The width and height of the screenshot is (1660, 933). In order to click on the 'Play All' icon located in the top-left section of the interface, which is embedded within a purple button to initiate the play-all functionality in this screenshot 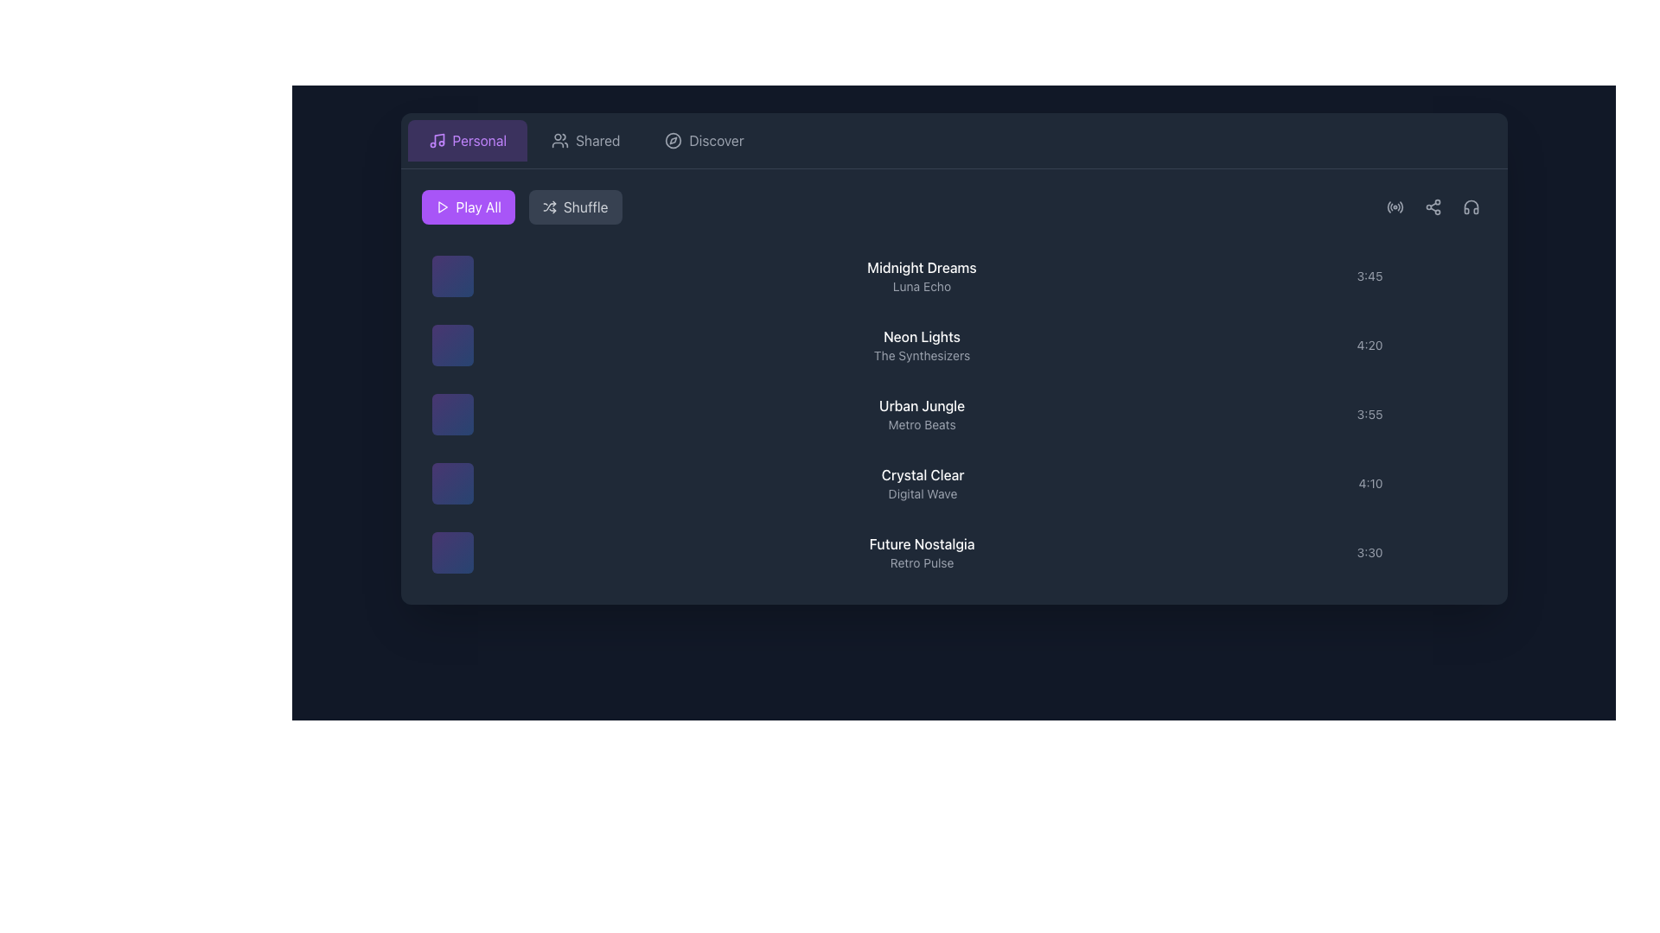, I will do `click(443, 206)`.